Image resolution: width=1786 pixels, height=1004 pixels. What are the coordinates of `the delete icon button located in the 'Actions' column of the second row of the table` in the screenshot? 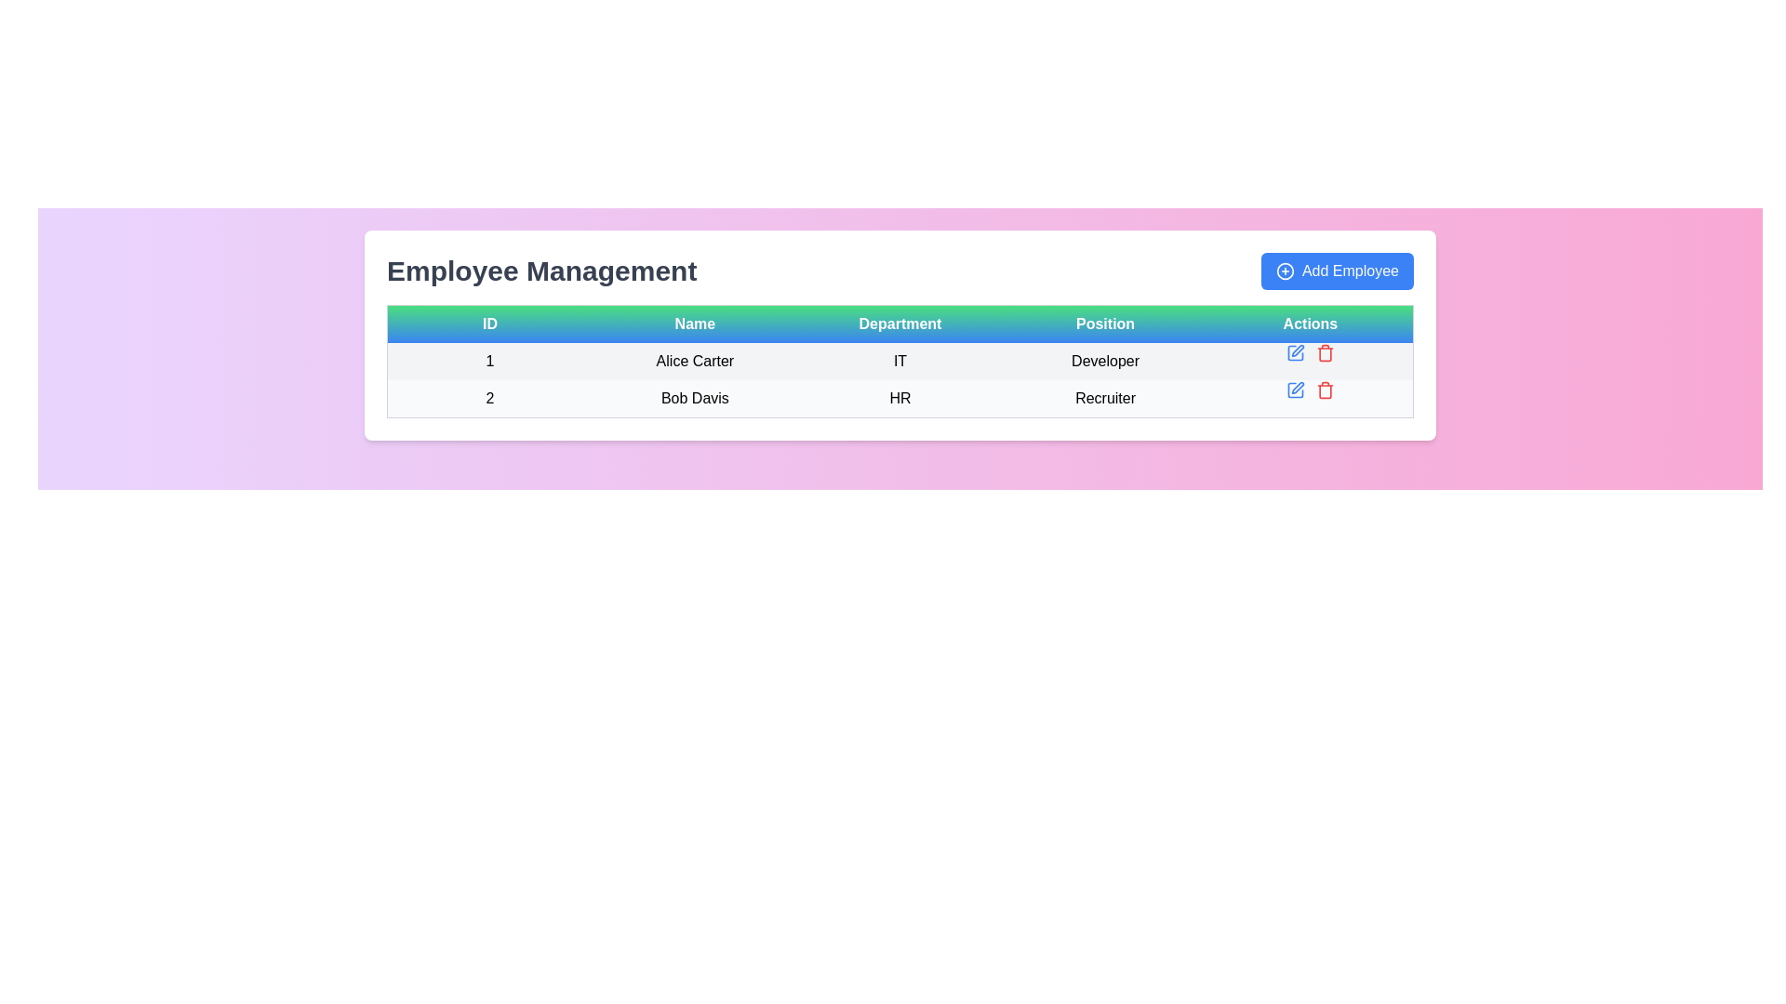 It's located at (1325, 390).